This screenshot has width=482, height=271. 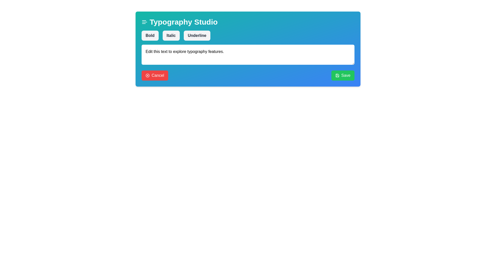 What do you see at coordinates (150, 35) in the screenshot?
I see `the 'Bold' button, which is the leftmost button in a group of three formatting buttons (Bold, Italic, Underline) arranged horizontally in a row, located near the top-left corner of the containing blue box above the text editing area` at bounding box center [150, 35].